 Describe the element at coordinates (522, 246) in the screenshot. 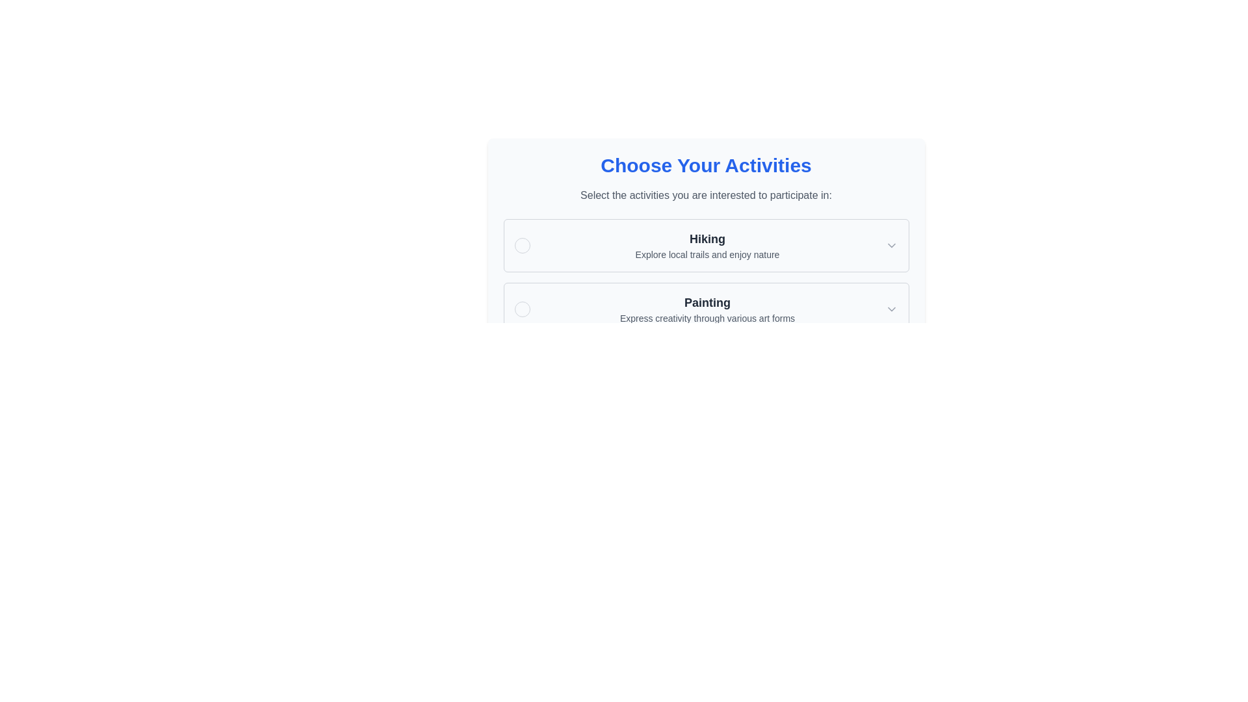

I see `the empty circular radio button located at the top-left corner of the 'Hiking' activity selection option` at that location.